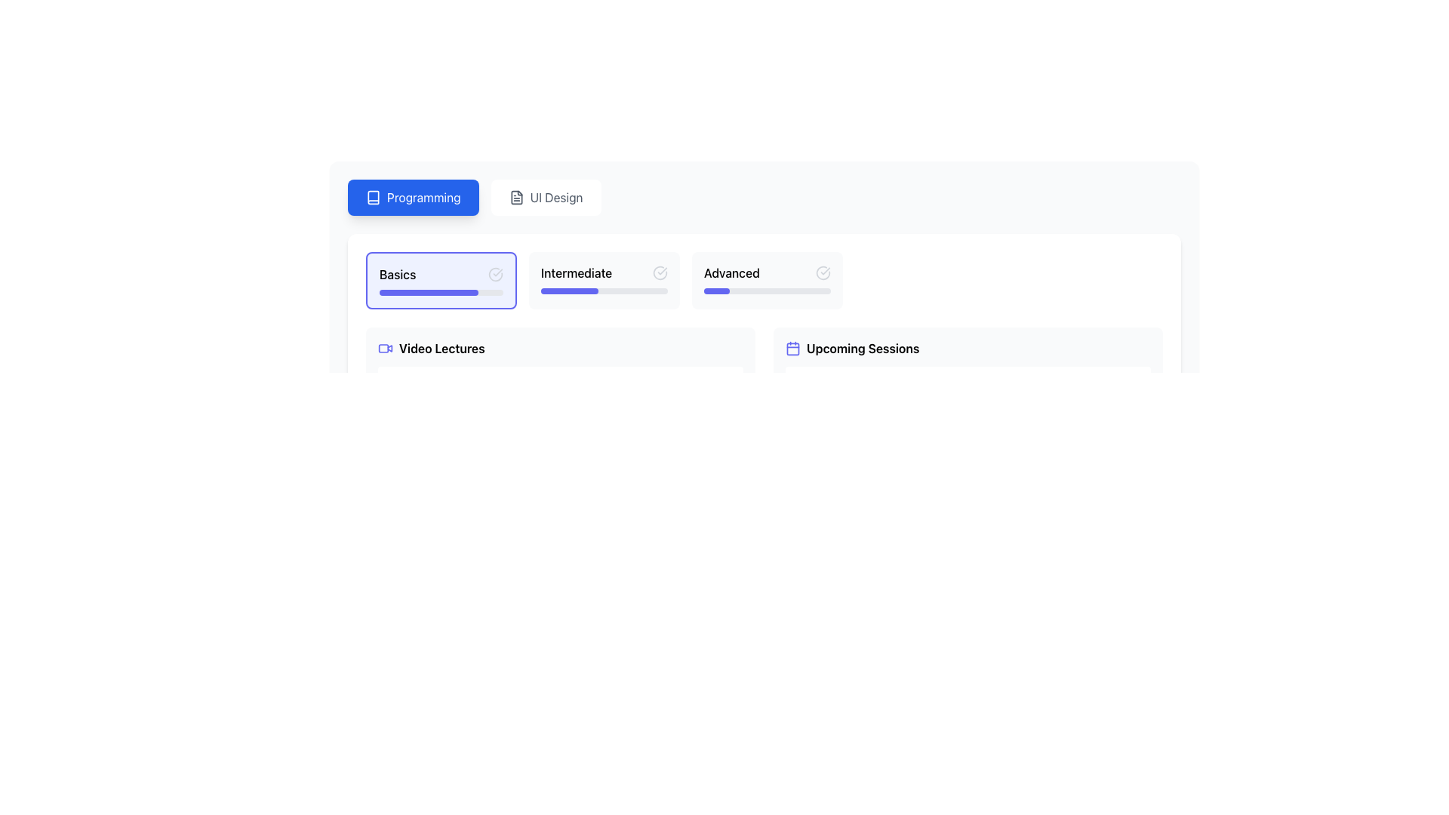 The height and width of the screenshot is (815, 1449). Describe the element at coordinates (768, 291) in the screenshot. I see `the progress bar indicating the completion percentage for the 'Advanced' level, located at the bottom of the 'Advanced' card` at that location.